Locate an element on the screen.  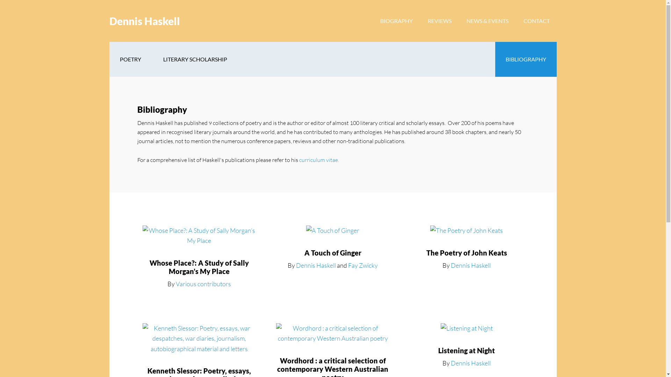
'Listening at Night' is located at coordinates (466, 350).